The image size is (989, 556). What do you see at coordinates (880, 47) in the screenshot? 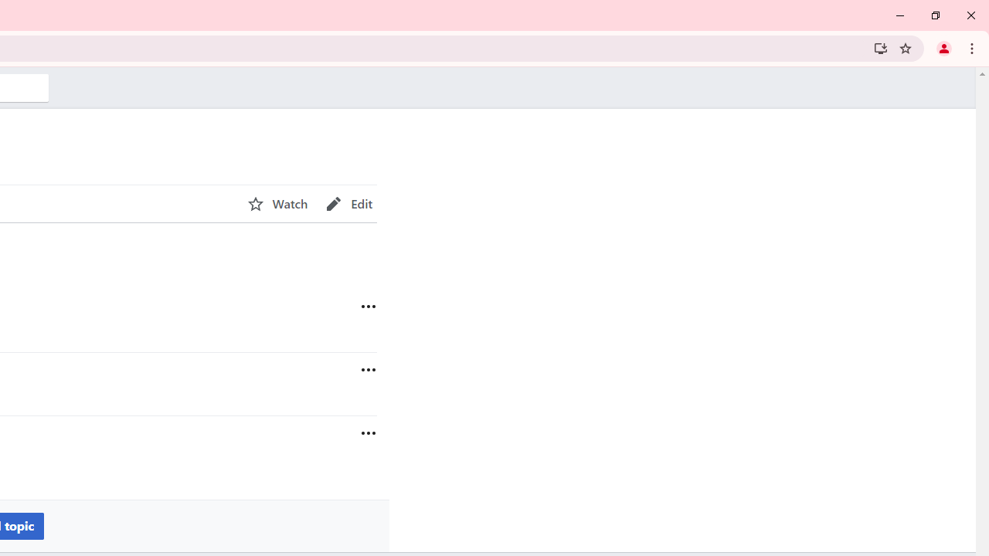
I see `'Install Wikipedia'` at bounding box center [880, 47].